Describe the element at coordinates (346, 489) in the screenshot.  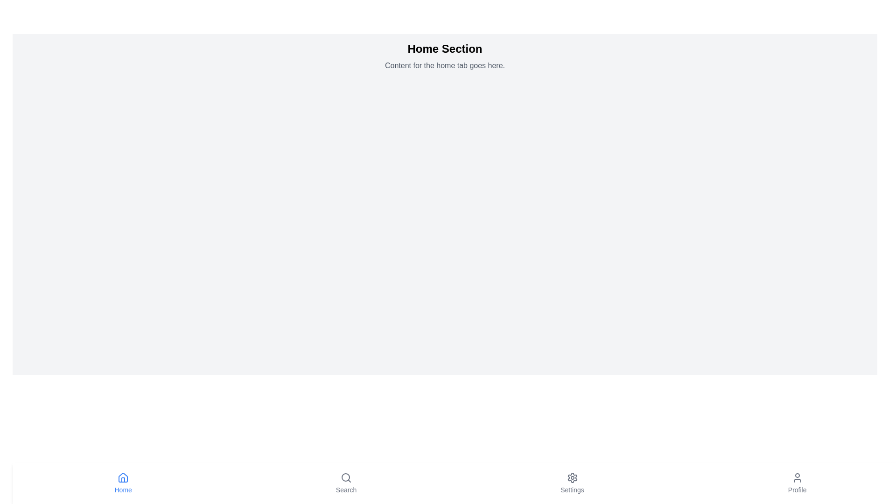
I see `the descriptive title text label for the 'Search' button in the bottom navigation bar, which is centrally positioned and the second item from the left` at that location.